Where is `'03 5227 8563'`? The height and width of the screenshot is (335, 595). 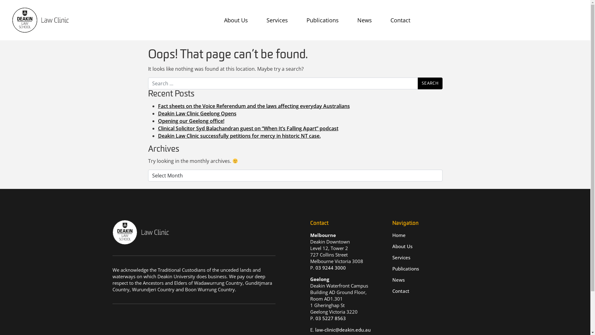
'03 5227 8563' is located at coordinates (330, 318).